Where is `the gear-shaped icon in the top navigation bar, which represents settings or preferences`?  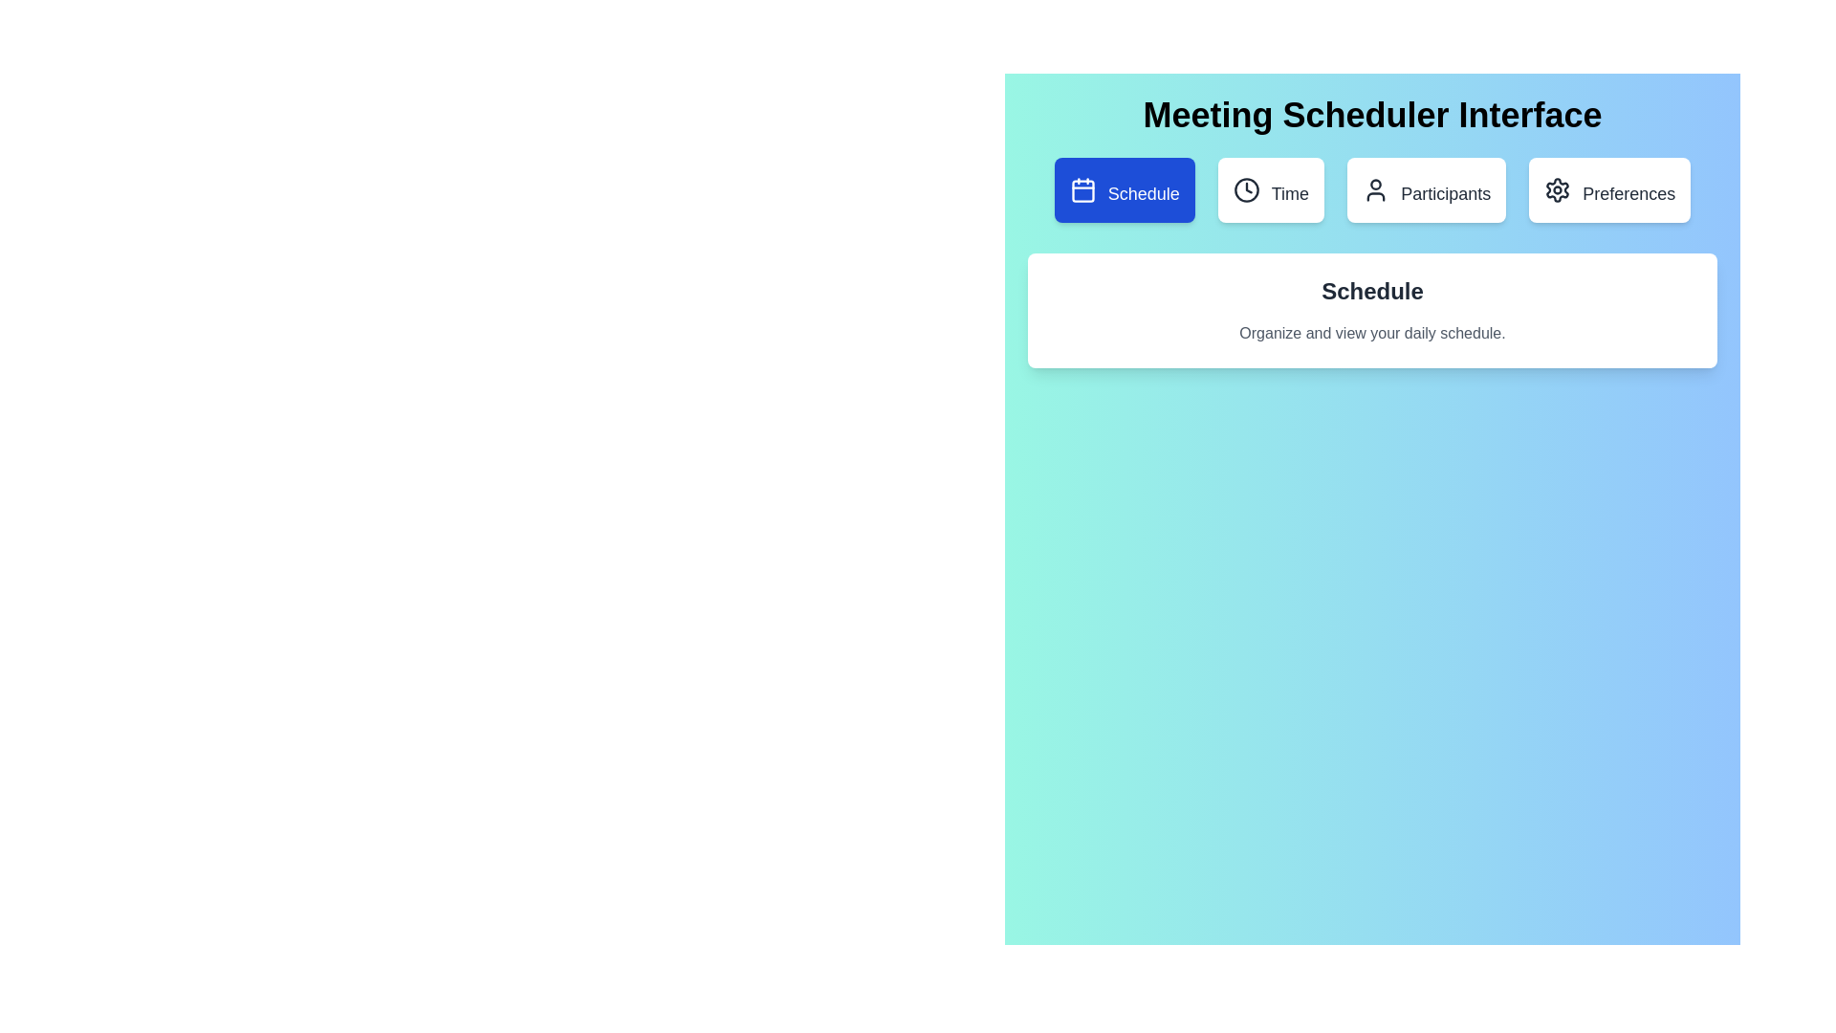
the gear-shaped icon in the top navigation bar, which represents settings or preferences is located at coordinates (1558, 190).